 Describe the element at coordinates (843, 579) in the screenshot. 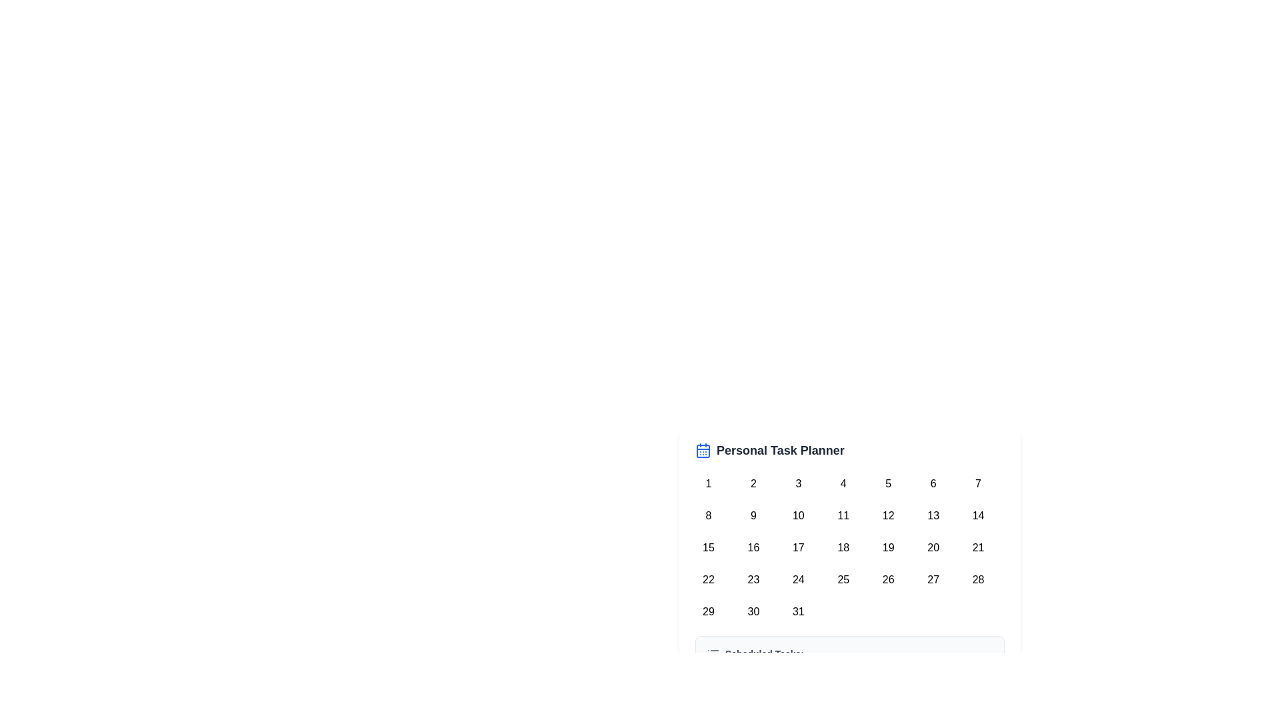

I see `the button representing the date '25th' in the calendar located in the fourth row and fourth column of a 7-column grid layout` at that location.